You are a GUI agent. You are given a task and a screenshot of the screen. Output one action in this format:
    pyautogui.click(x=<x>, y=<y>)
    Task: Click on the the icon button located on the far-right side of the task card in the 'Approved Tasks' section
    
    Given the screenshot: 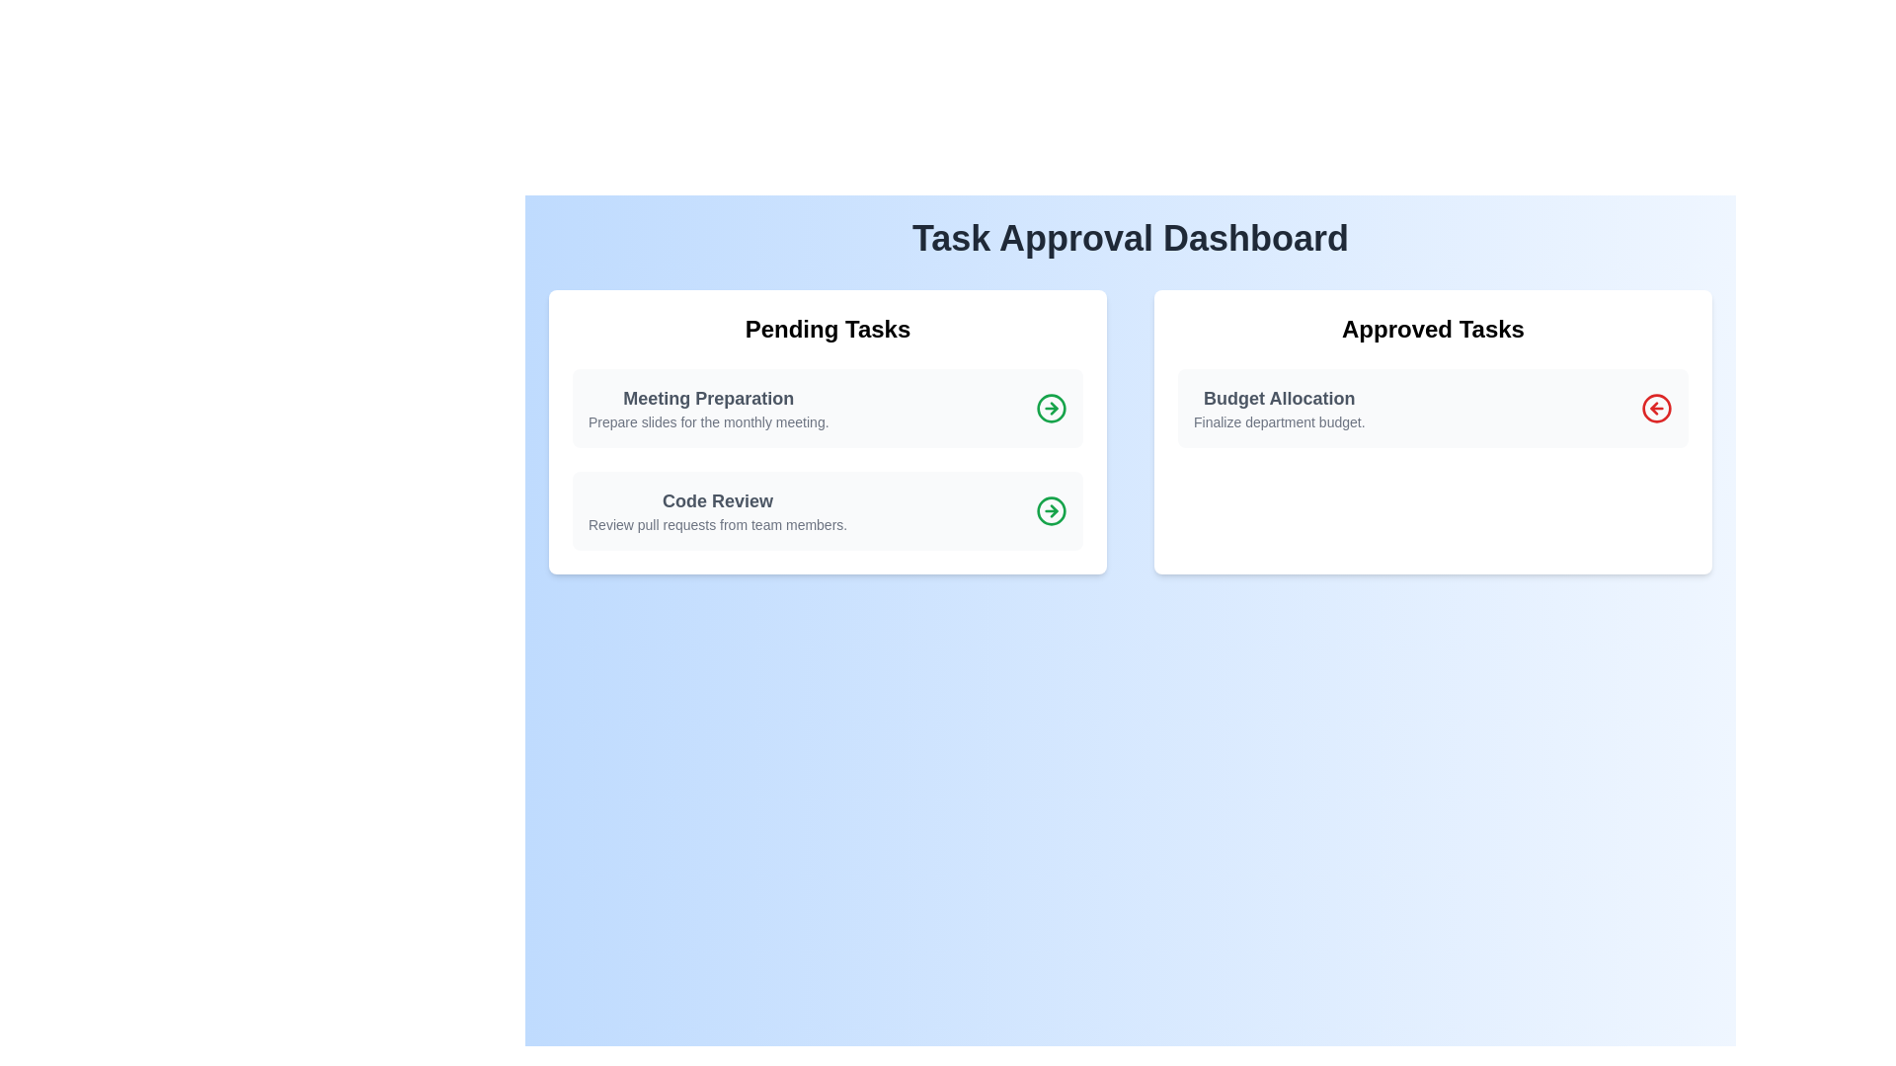 What is the action you would take?
    pyautogui.click(x=1657, y=407)
    